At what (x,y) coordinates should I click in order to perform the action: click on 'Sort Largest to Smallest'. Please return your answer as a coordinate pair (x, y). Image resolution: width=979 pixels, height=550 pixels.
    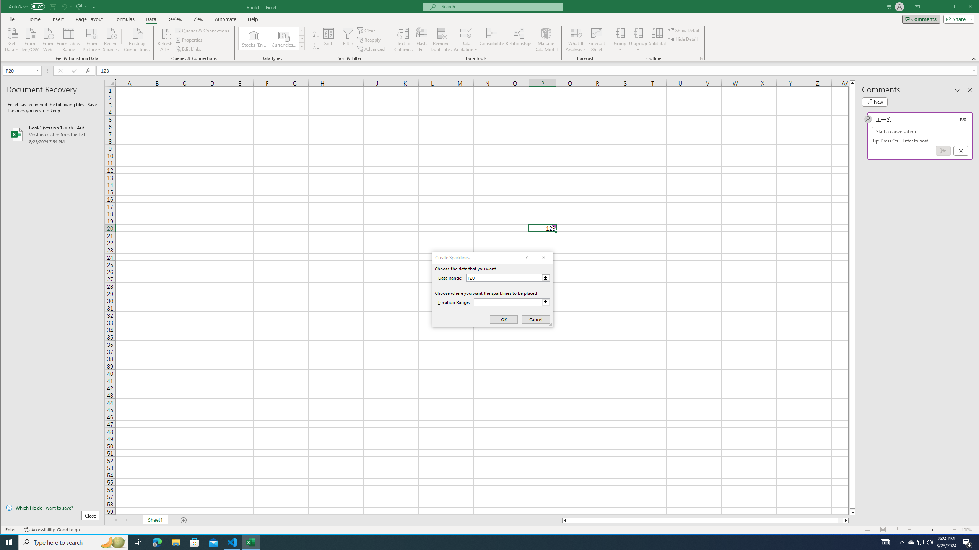
    Looking at the image, I should click on (316, 45).